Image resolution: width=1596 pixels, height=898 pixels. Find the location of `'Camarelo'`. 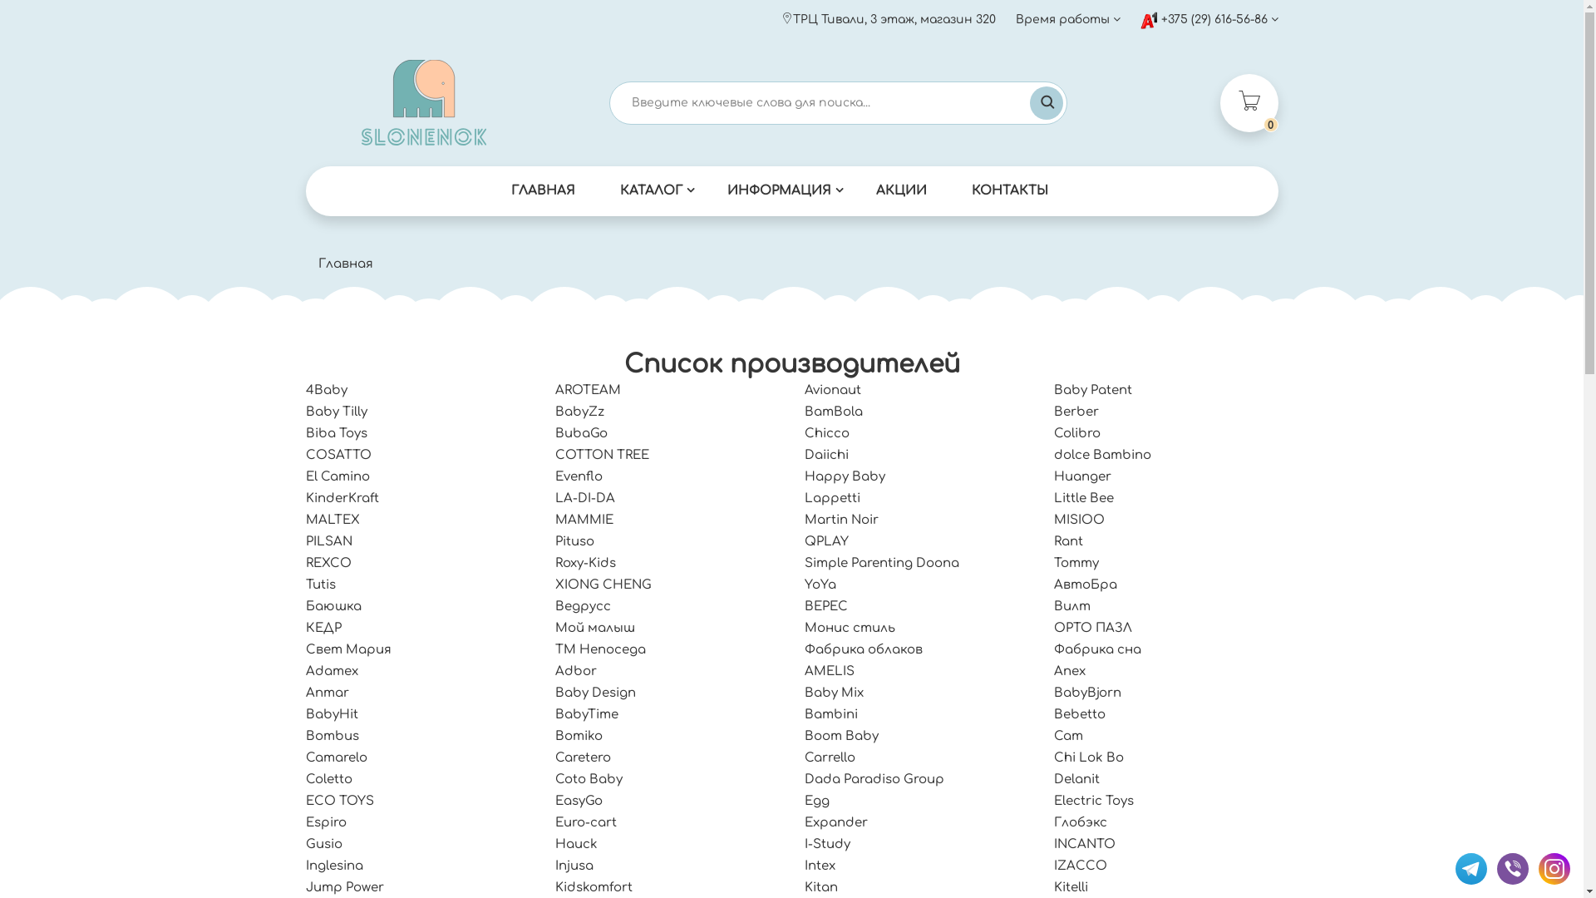

'Camarelo' is located at coordinates (306, 757).